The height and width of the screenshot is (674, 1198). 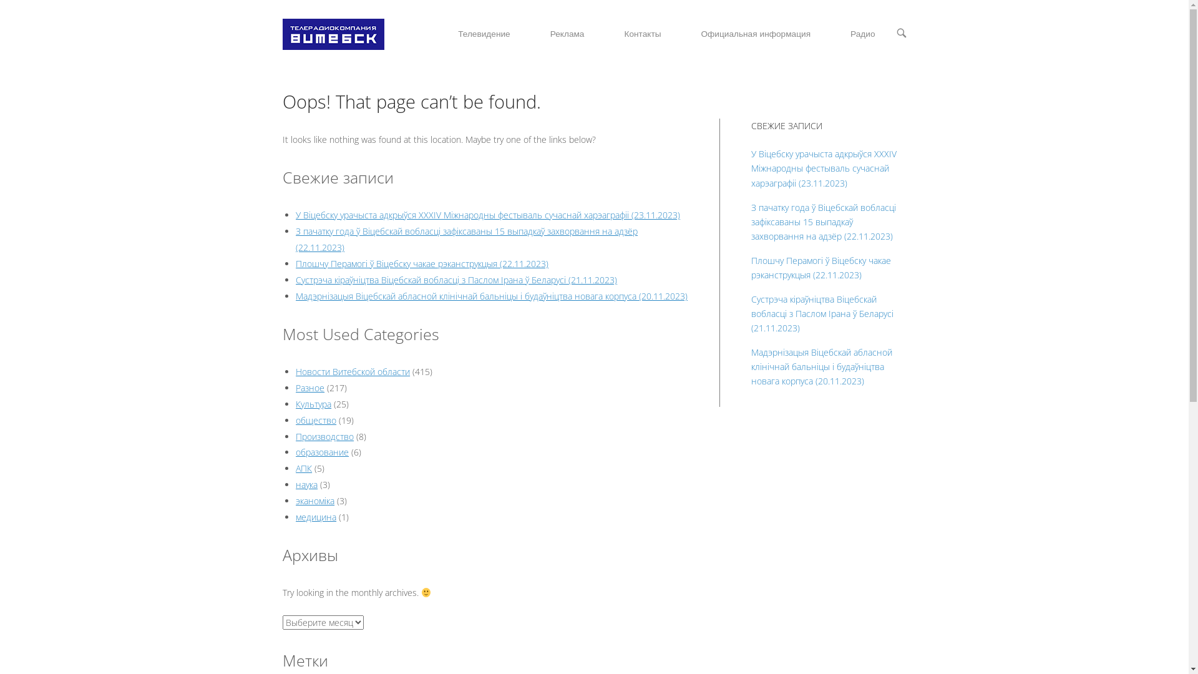 What do you see at coordinates (901, 33) in the screenshot?
I see `'OPEN SEARCH BAR'` at bounding box center [901, 33].